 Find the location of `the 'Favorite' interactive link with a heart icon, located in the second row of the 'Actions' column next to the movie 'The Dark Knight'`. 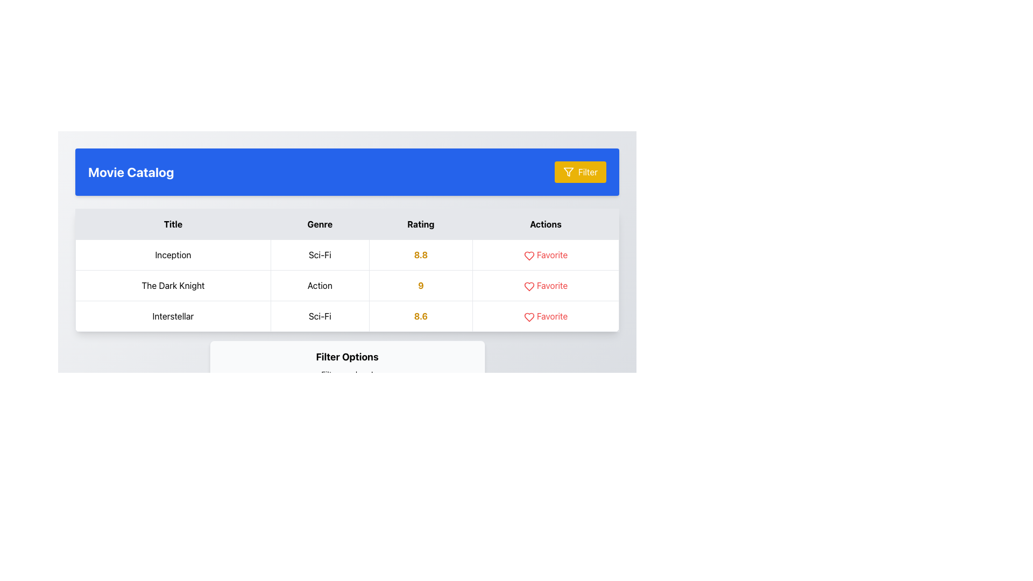

the 'Favorite' interactive link with a heart icon, located in the second row of the 'Actions' column next to the movie 'The Dark Knight' is located at coordinates (546, 285).